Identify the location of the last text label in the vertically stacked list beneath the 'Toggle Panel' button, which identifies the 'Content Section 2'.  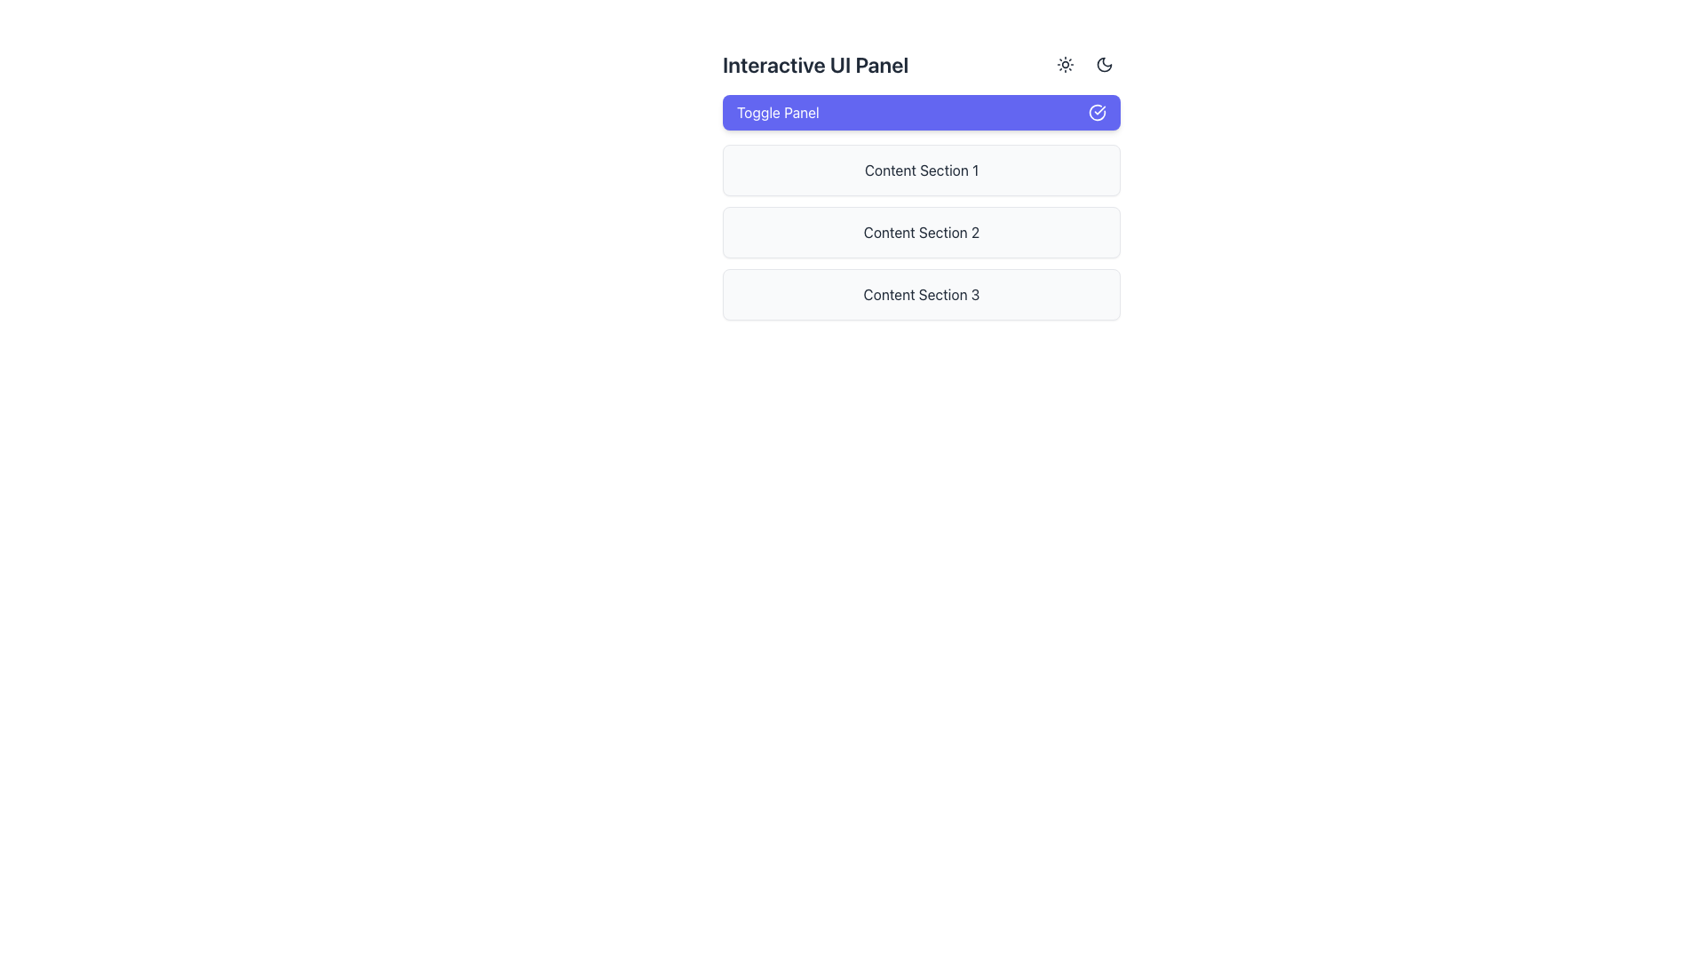
(921, 293).